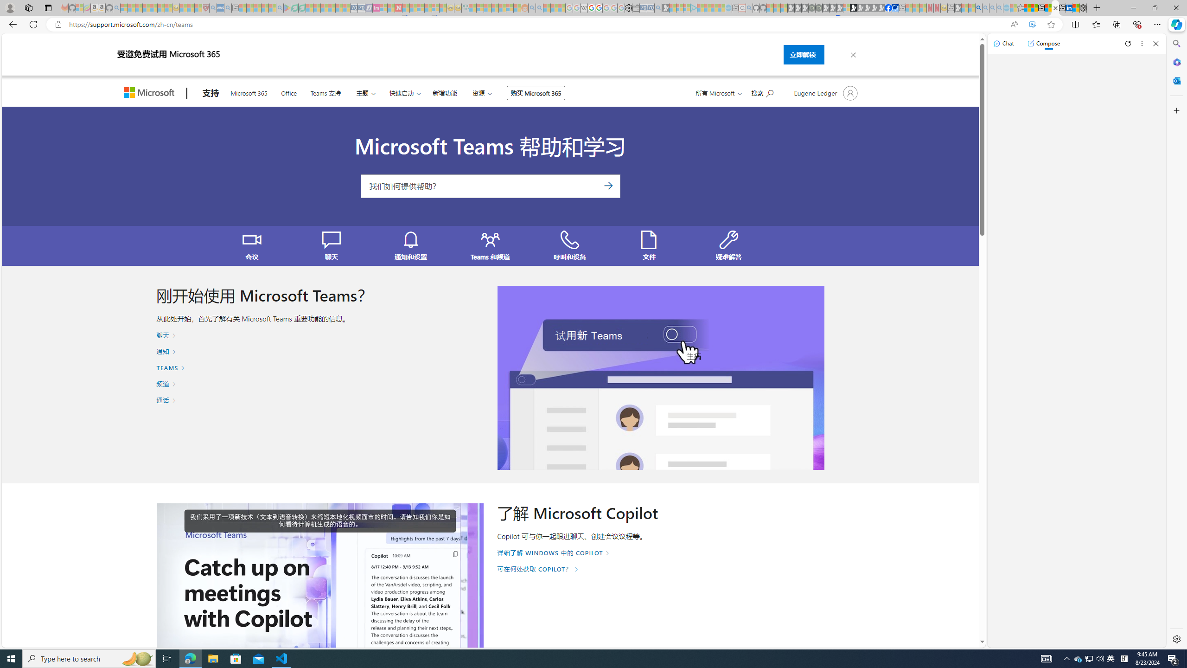  Describe the element at coordinates (138, 7) in the screenshot. I see `'The Weather Channel - MSN - Sleeping'` at that location.